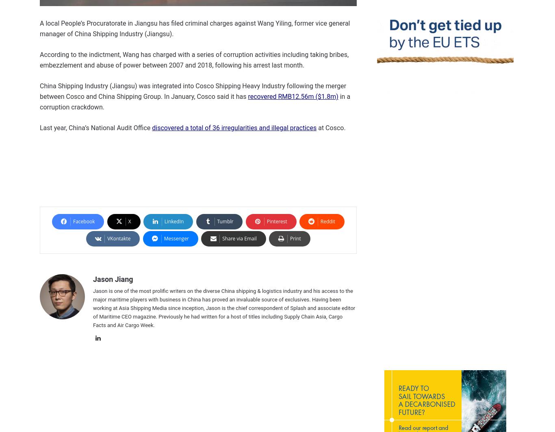 This screenshot has height=432, width=555. What do you see at coordinates (39, 91) in the screenshot?
I see `'China Shipping Industry (Jiangsu) was integrated into Cosco Shipping Heavy Industry following the merger between Cosco and China Shipping Group. In January, Cosco said it has'` at bounding box center [39, 91].